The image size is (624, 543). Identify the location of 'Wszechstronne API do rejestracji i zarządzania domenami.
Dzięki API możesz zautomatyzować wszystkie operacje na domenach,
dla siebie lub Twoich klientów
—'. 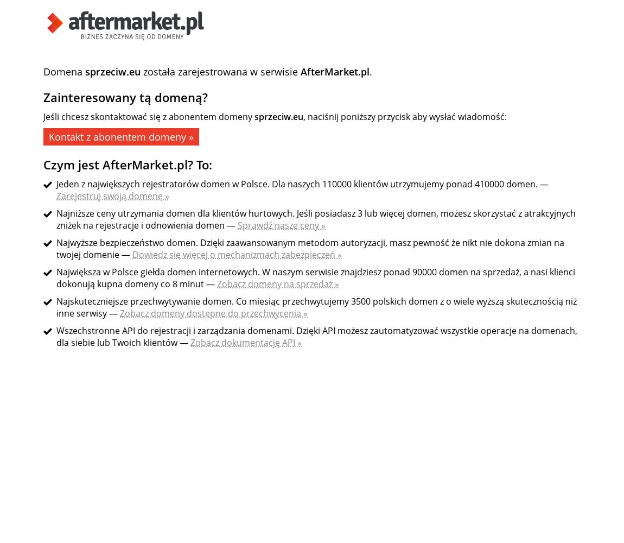
(316, 336).